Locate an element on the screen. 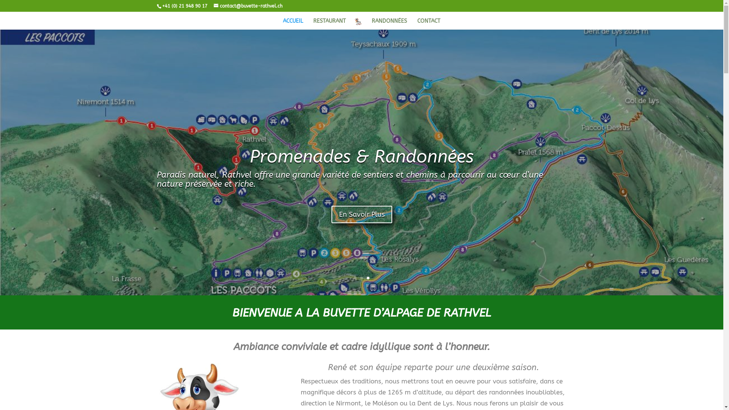  'contact@buvette-rathvel.ch' is located at coordinates (248, 6).